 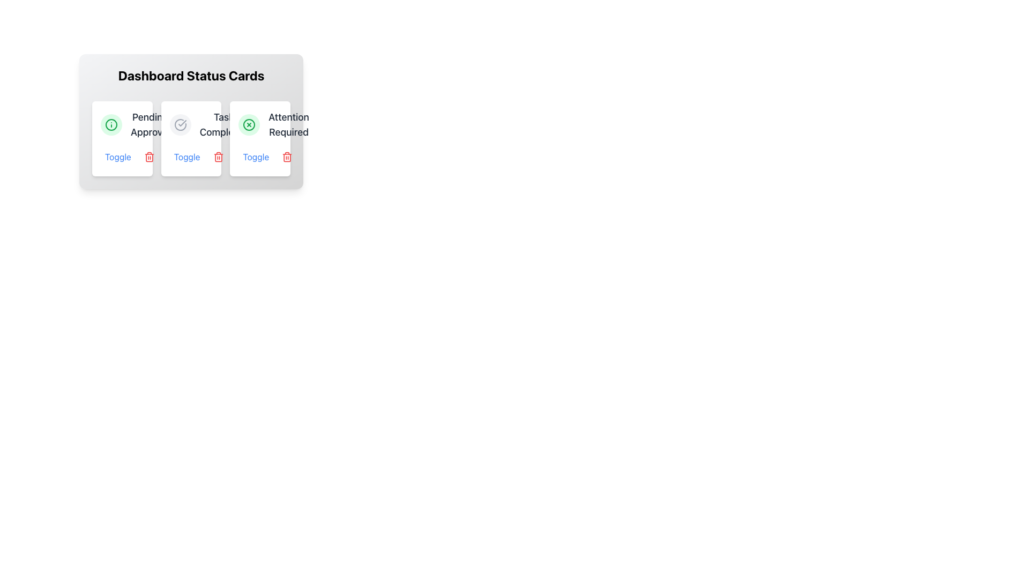 What do you see at coordinates (260, 157) in the screenshot?
I see `the third 'Toggle' button under the 'Attention Required' label in the 'Dashboard Status Cards' panel` at bounding box center [260, 157].